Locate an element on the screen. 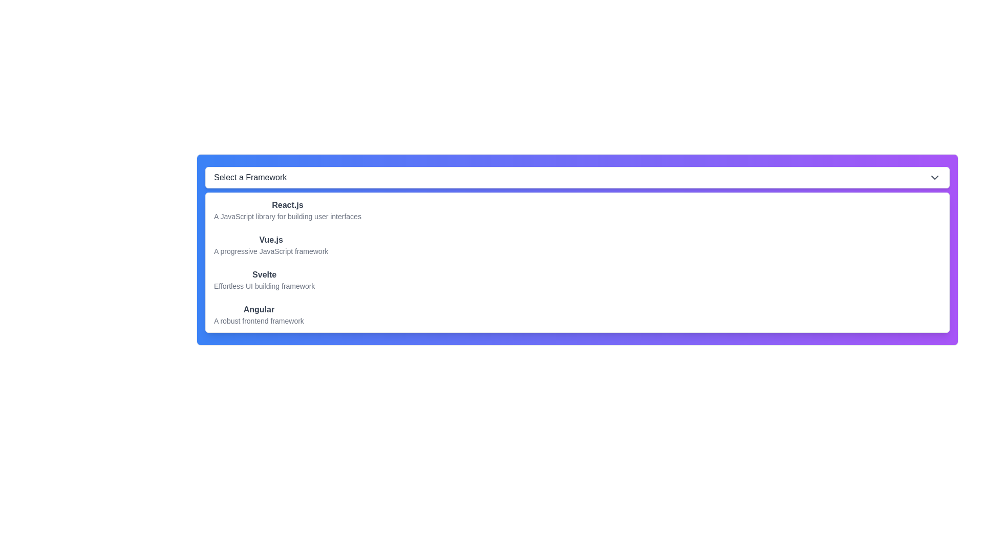 This screenshot has width=983, height=553. text content of the Text label located within the dropdown list beneath the bolded label 'Svelte', positioned between 'Vue.js' and 'Angular' is located at coordinates (264, 286).